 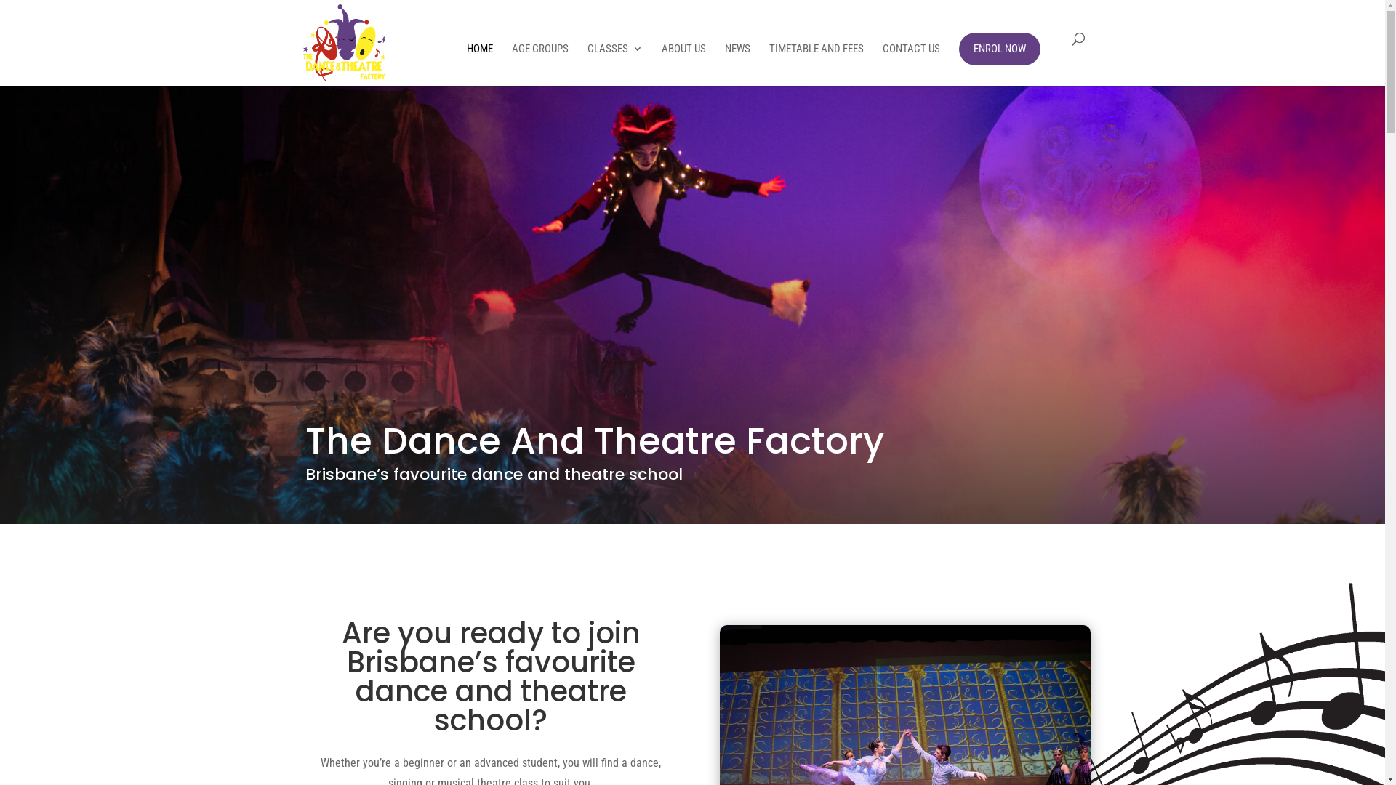 I want to click on 'CONTACT US', so click(x=910, y=64).